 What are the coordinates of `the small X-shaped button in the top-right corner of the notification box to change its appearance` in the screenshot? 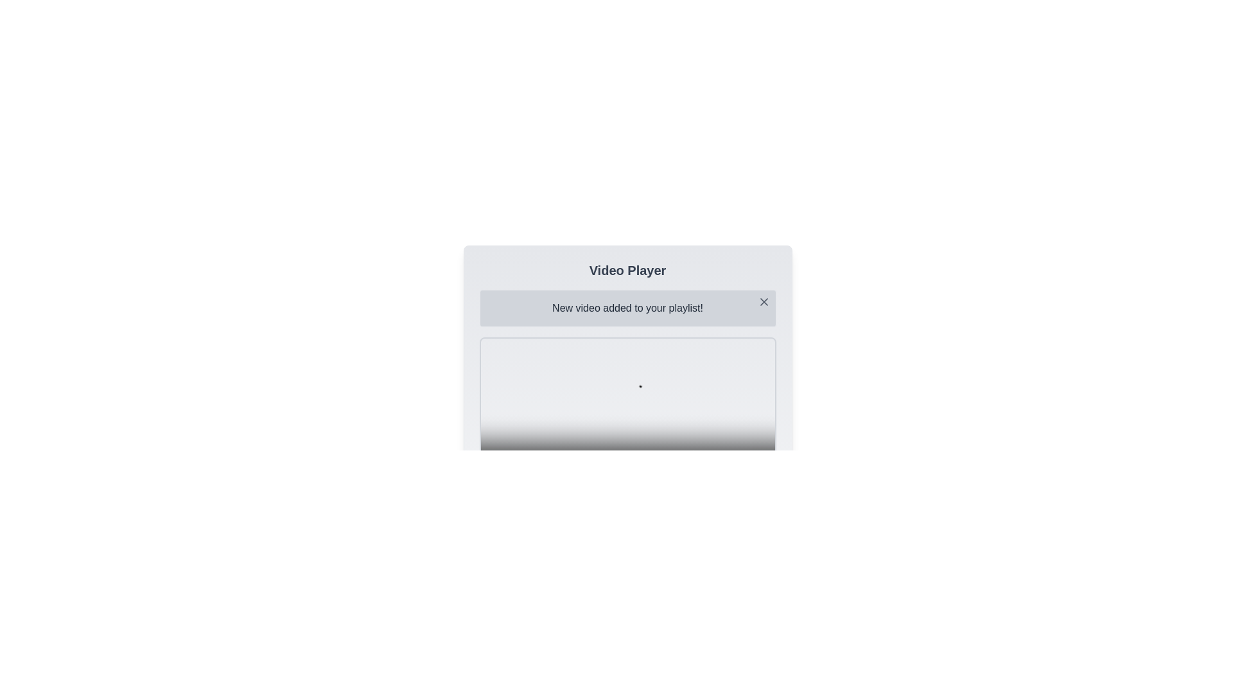 It's located at (764, 302).